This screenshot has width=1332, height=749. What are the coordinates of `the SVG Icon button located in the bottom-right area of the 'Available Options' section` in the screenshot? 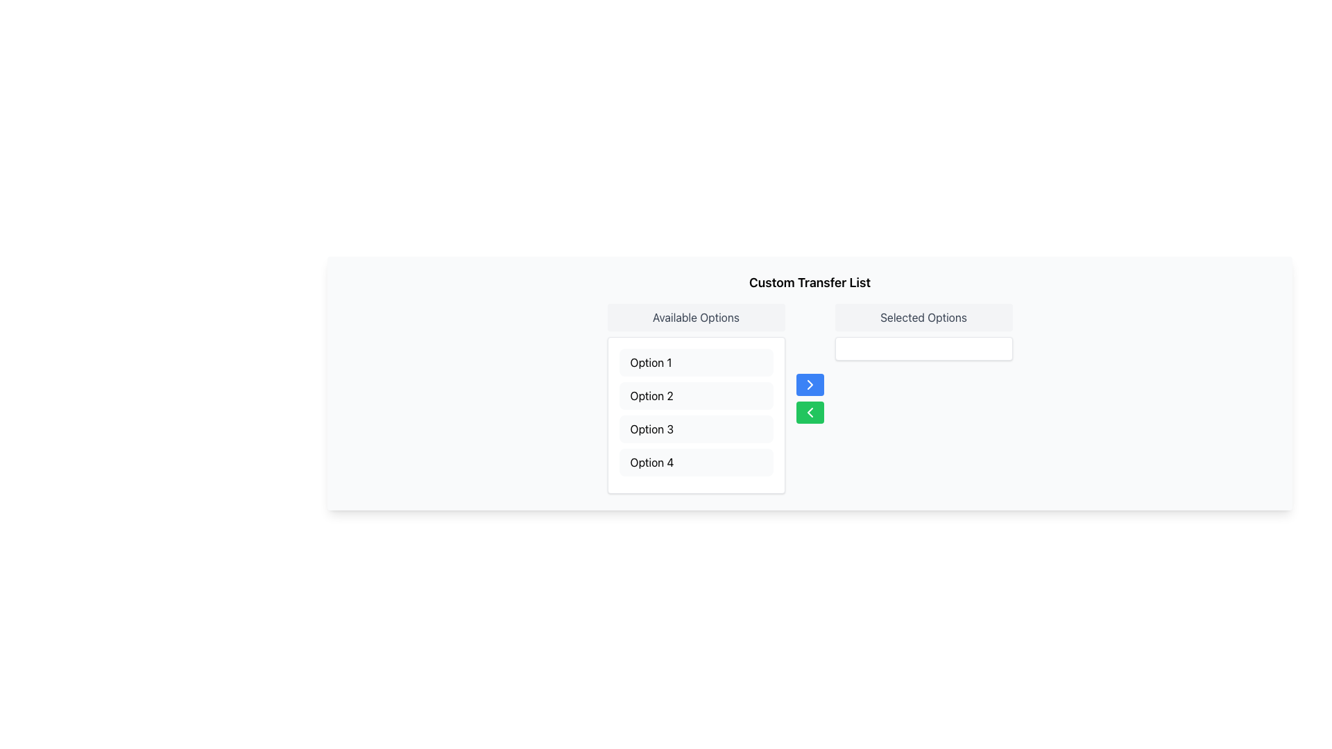 It's located at (810, 411).